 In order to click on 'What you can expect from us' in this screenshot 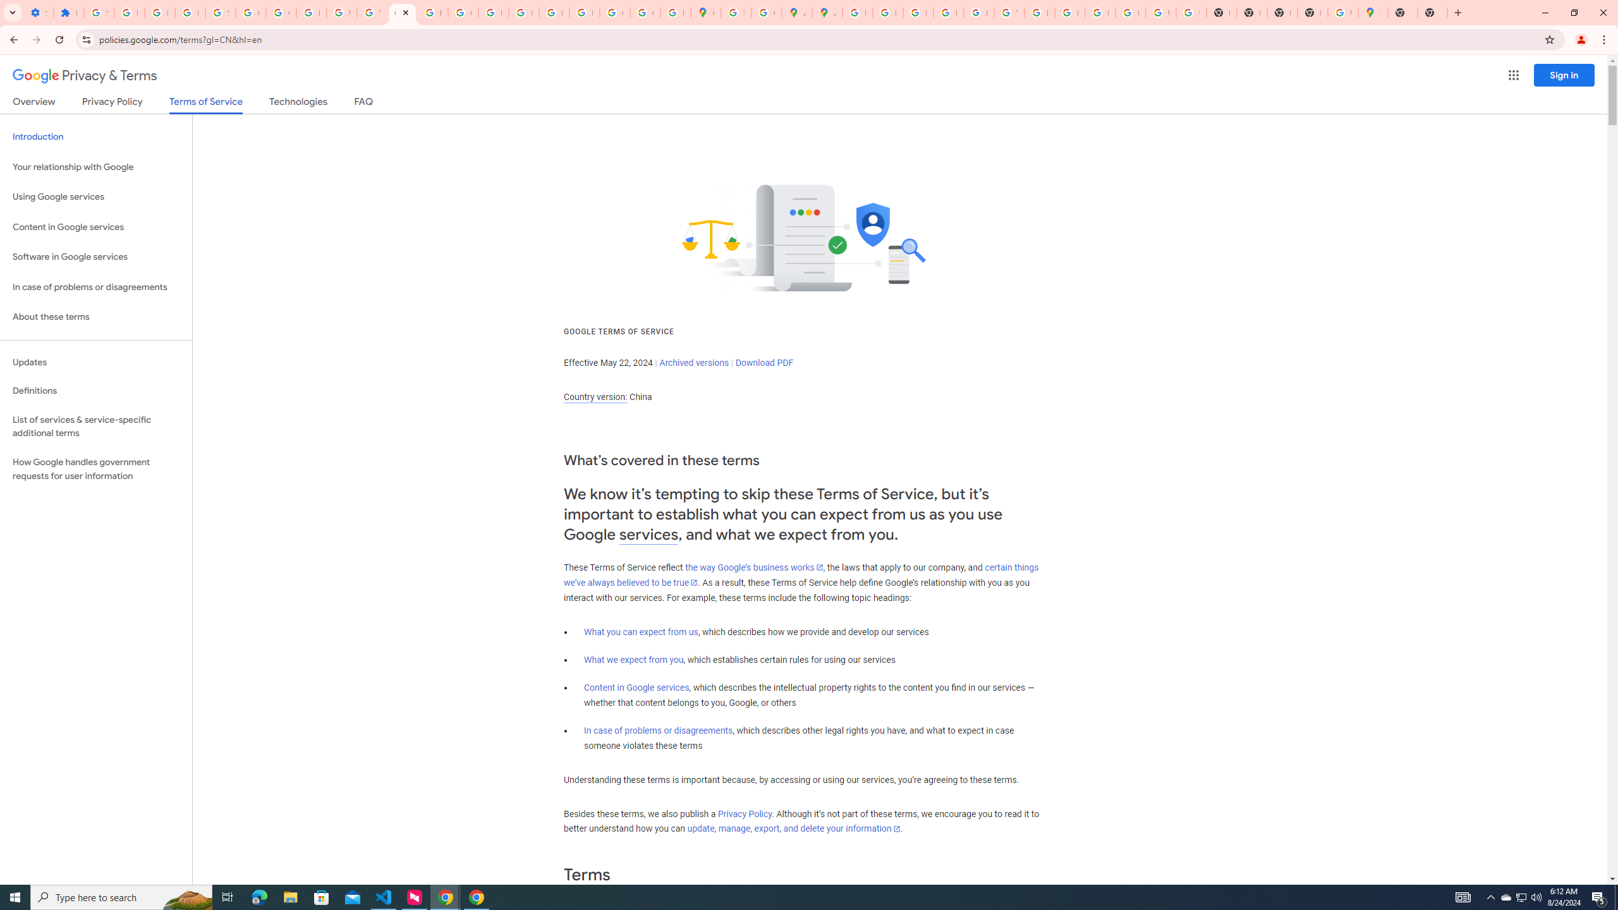, I will do `click(642, 631)`.